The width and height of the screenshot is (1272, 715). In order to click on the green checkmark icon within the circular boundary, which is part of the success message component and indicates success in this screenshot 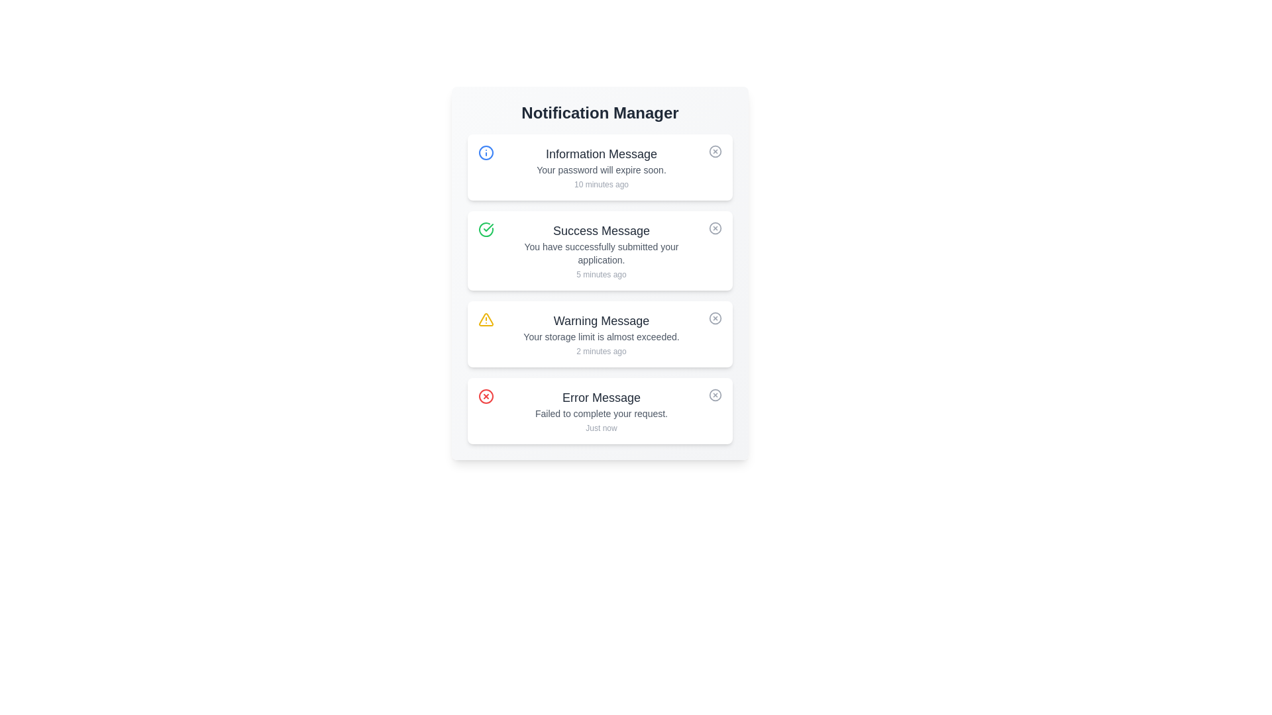, I will do `click(488, 226)`.